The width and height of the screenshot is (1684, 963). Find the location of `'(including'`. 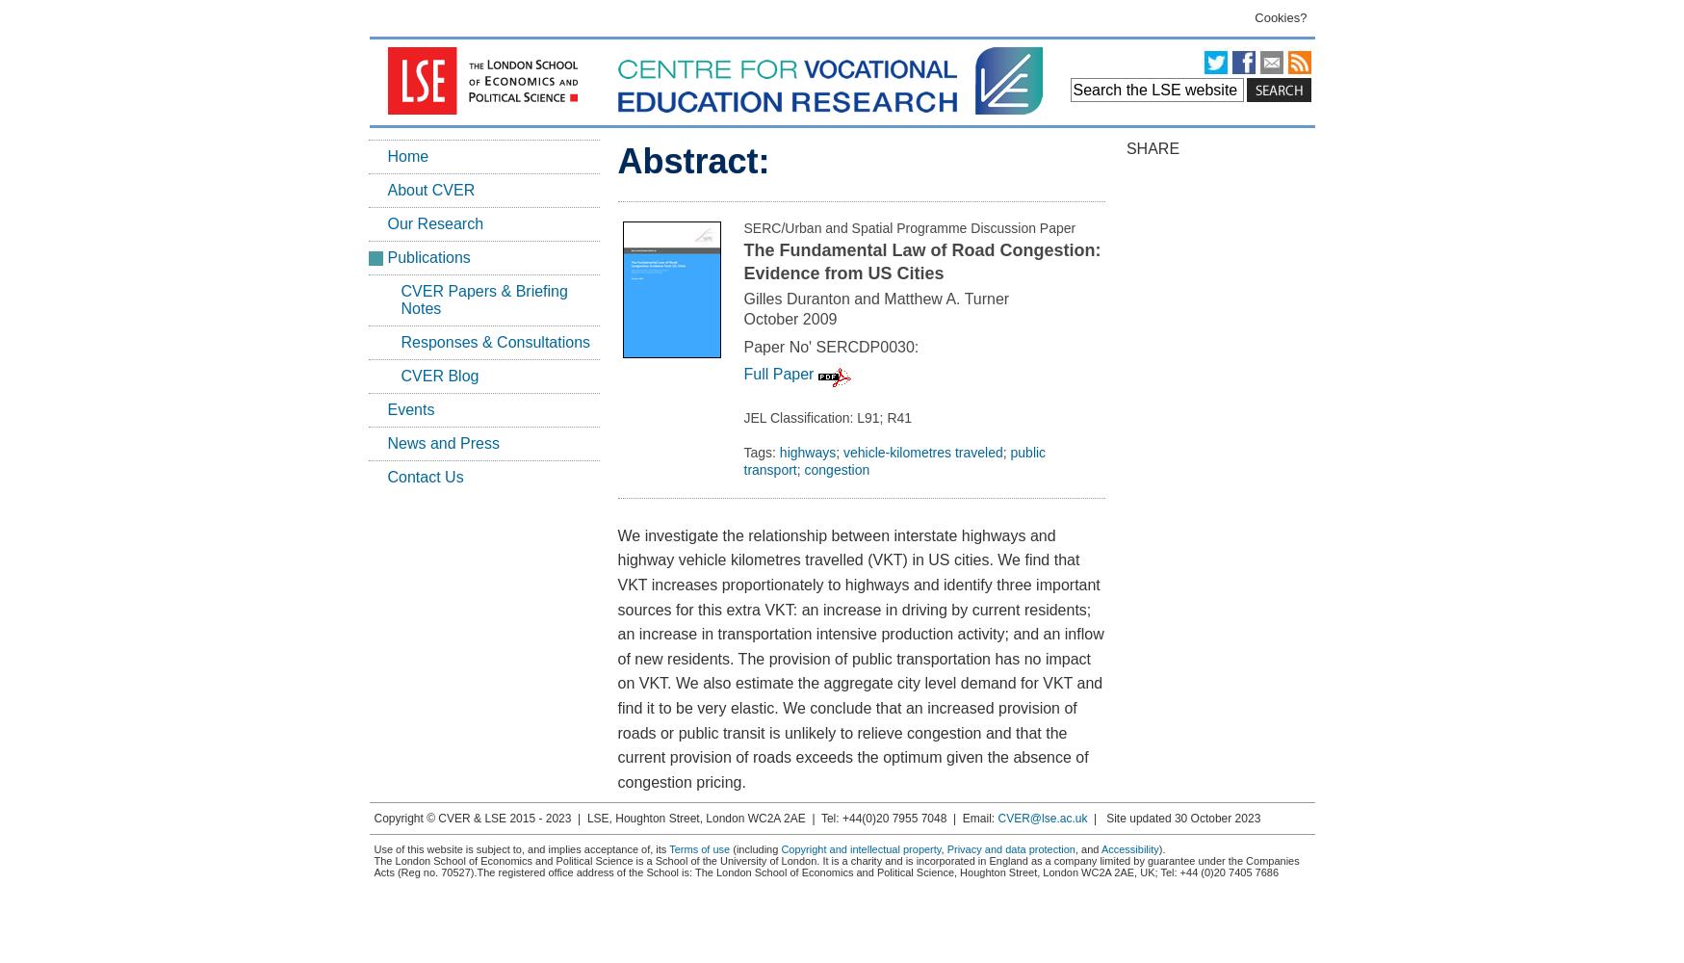

'(including' is located at coordinates (755, 849).